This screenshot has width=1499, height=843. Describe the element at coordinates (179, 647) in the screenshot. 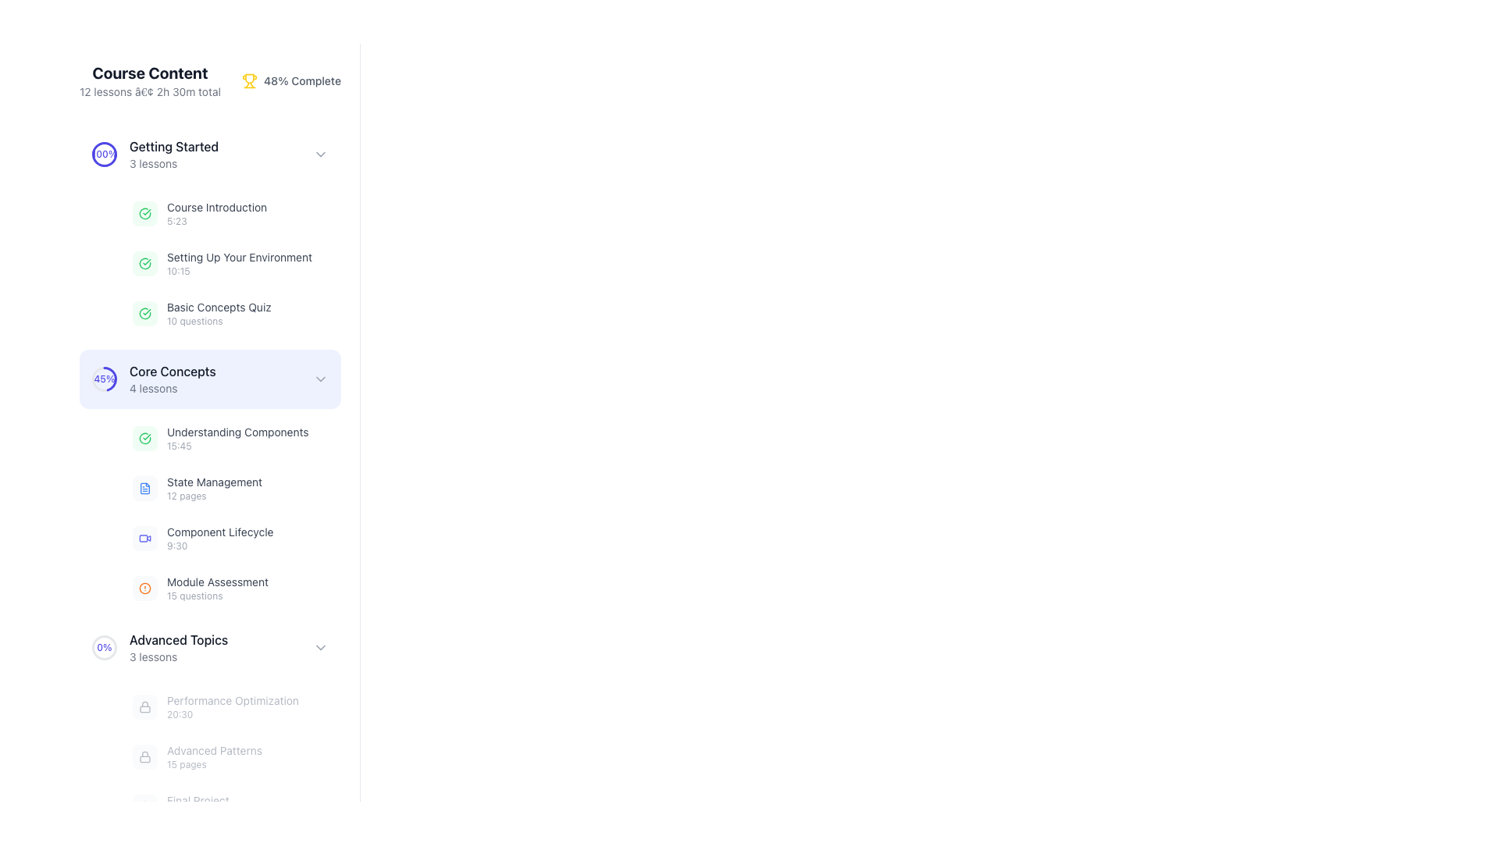

I see `the 'Advanced Topics' section header title` at that location.